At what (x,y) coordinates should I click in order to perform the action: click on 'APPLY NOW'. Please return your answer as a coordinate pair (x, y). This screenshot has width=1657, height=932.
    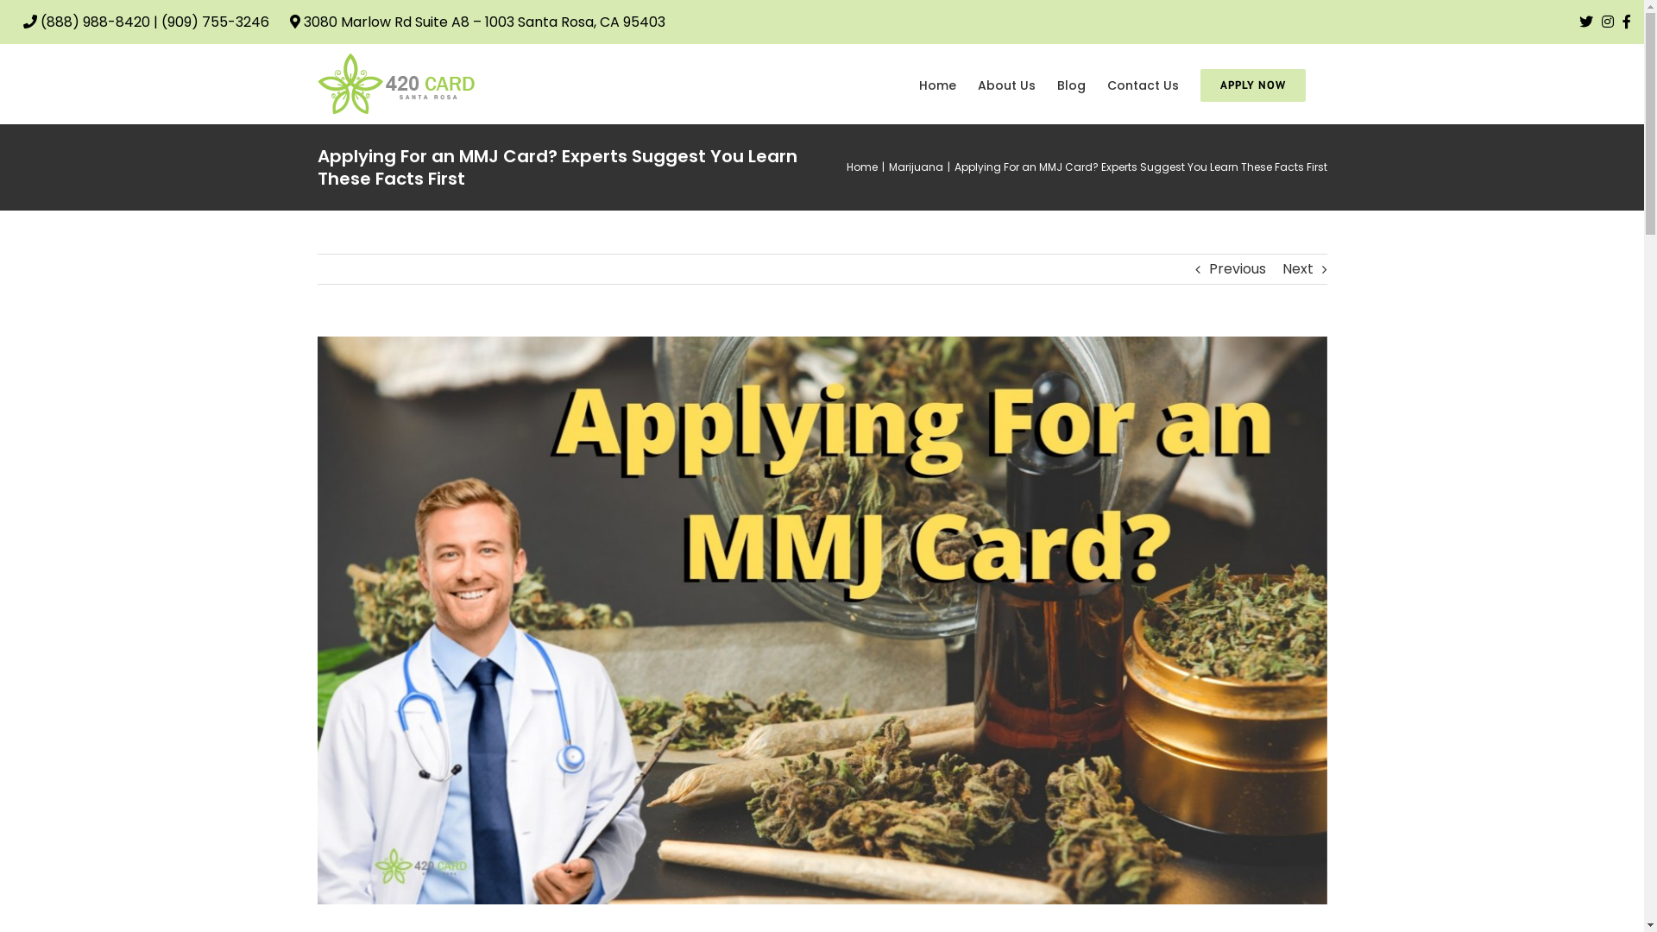
    Looking at the image, I should click on (1251, 84).